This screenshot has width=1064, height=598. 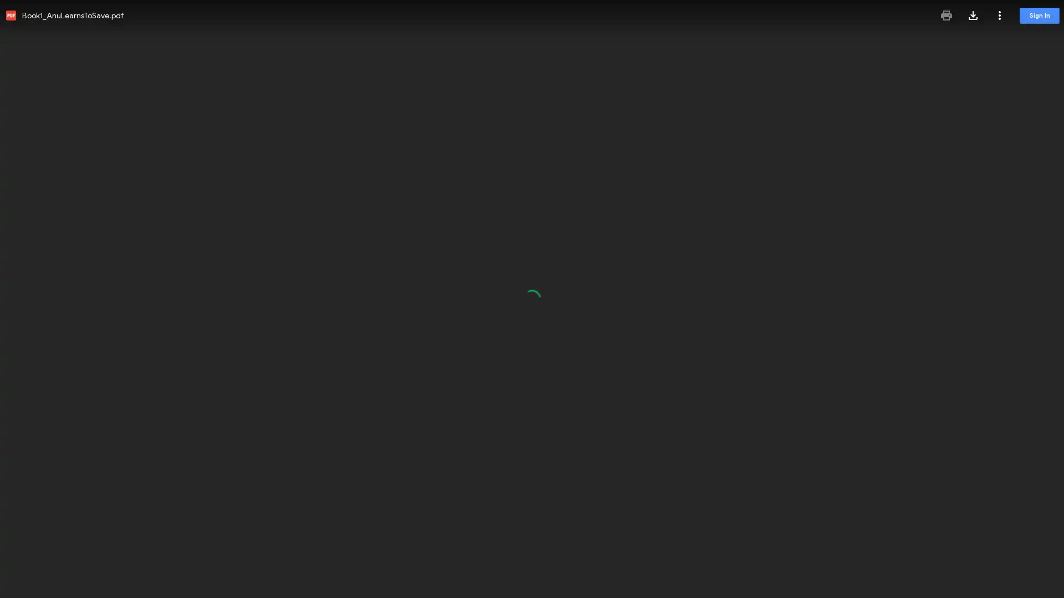 I want to click on Download, so click(x=973, y=15).